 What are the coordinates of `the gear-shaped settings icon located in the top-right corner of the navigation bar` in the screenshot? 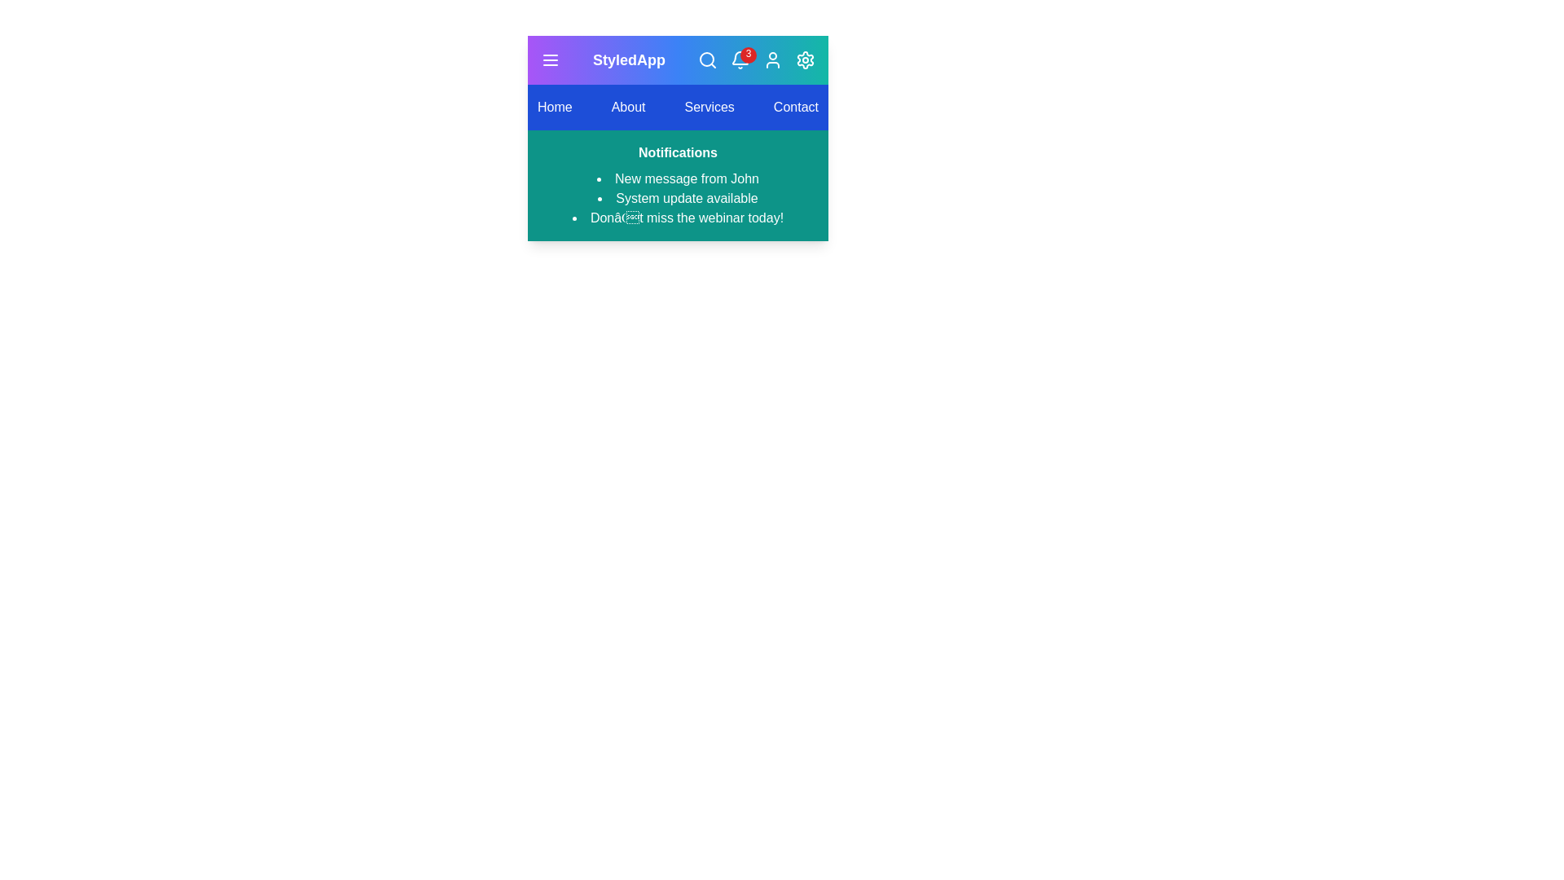 It's located at (805, 59).